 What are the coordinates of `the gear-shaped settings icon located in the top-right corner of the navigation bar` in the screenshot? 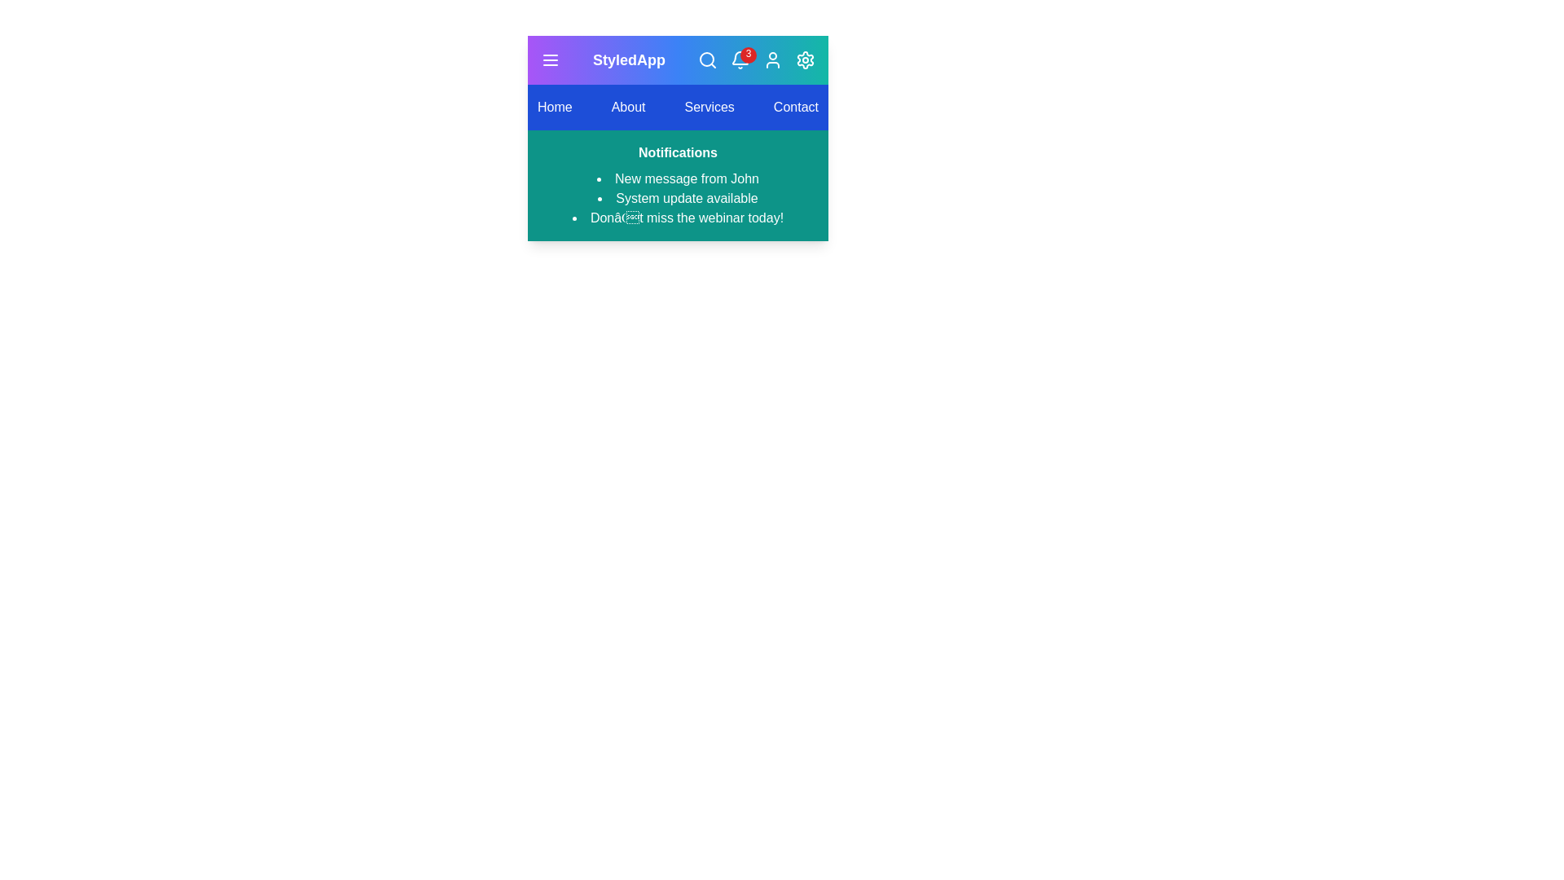 It's located at (805, 59).